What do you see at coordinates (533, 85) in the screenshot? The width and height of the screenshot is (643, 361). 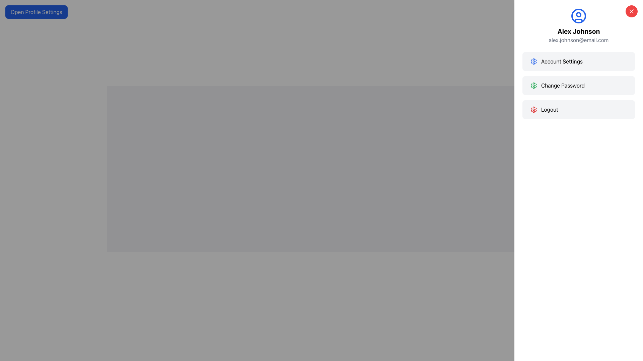 I see `the gear-shaped icon with green teeth and a red inner circular region, located adjacent to the 'Logout' text in the settings options panel` at bounding box center [533, 85].